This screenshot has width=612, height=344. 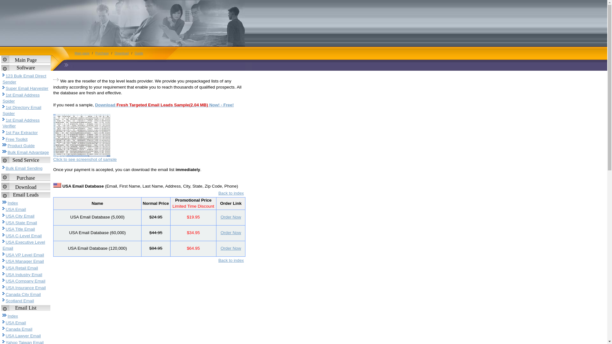 I want to click on 'USA Email', so click(x=16, y=209).